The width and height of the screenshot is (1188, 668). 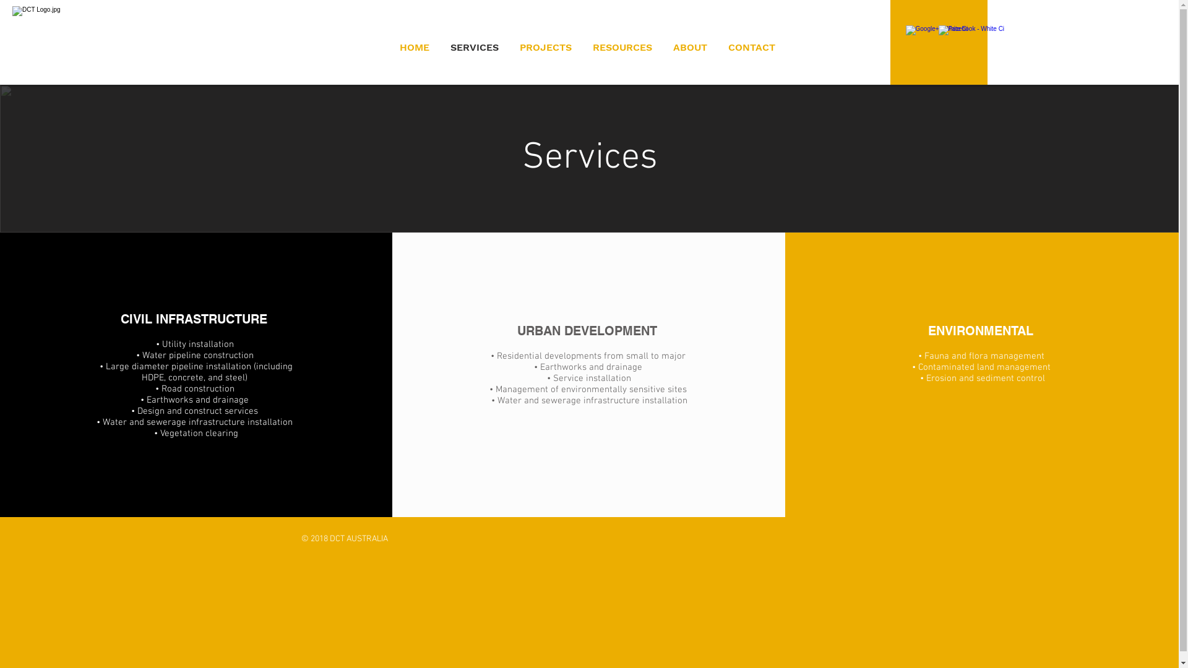 What do you see at coordinates (545, 46) in the screenshot?
I see `'PROJECTS'` at bounding box center [545, 46].